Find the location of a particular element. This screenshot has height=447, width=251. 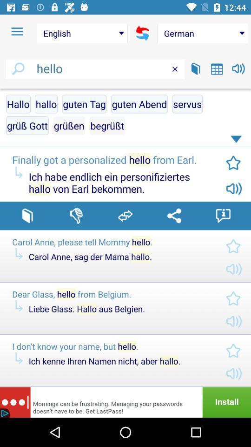

the i don t icon is located at coordinates (111, 346).